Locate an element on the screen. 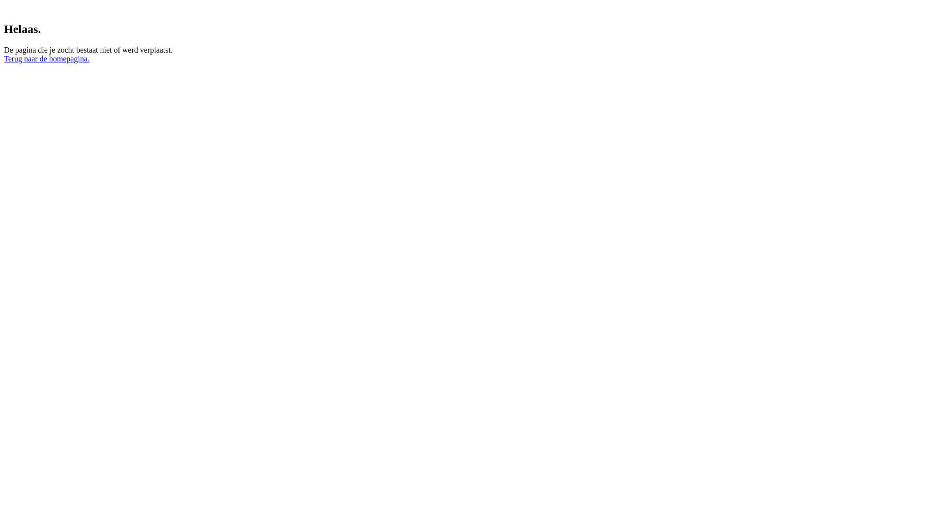  'Terug naar de homepagina.' is located at coordinates (46, 59).